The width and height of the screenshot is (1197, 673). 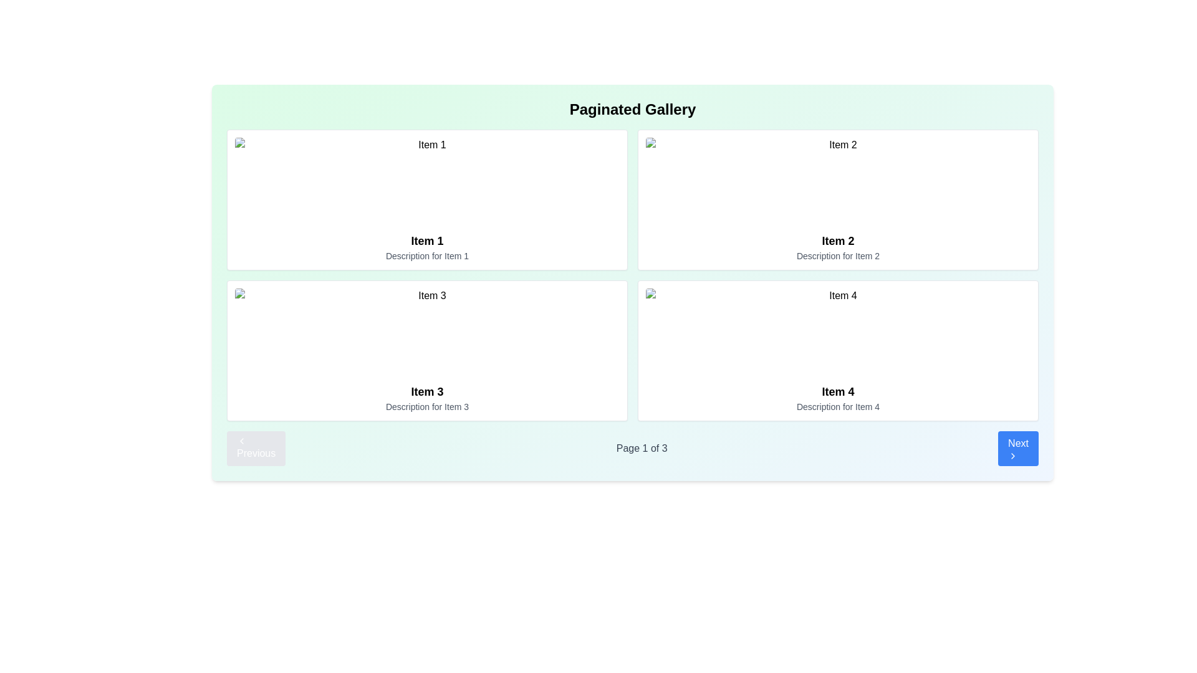 I want to click on the chevron-right icon located within the 'Next' button in the bottom-right corner of the layout, so click(x=1013, y=456).